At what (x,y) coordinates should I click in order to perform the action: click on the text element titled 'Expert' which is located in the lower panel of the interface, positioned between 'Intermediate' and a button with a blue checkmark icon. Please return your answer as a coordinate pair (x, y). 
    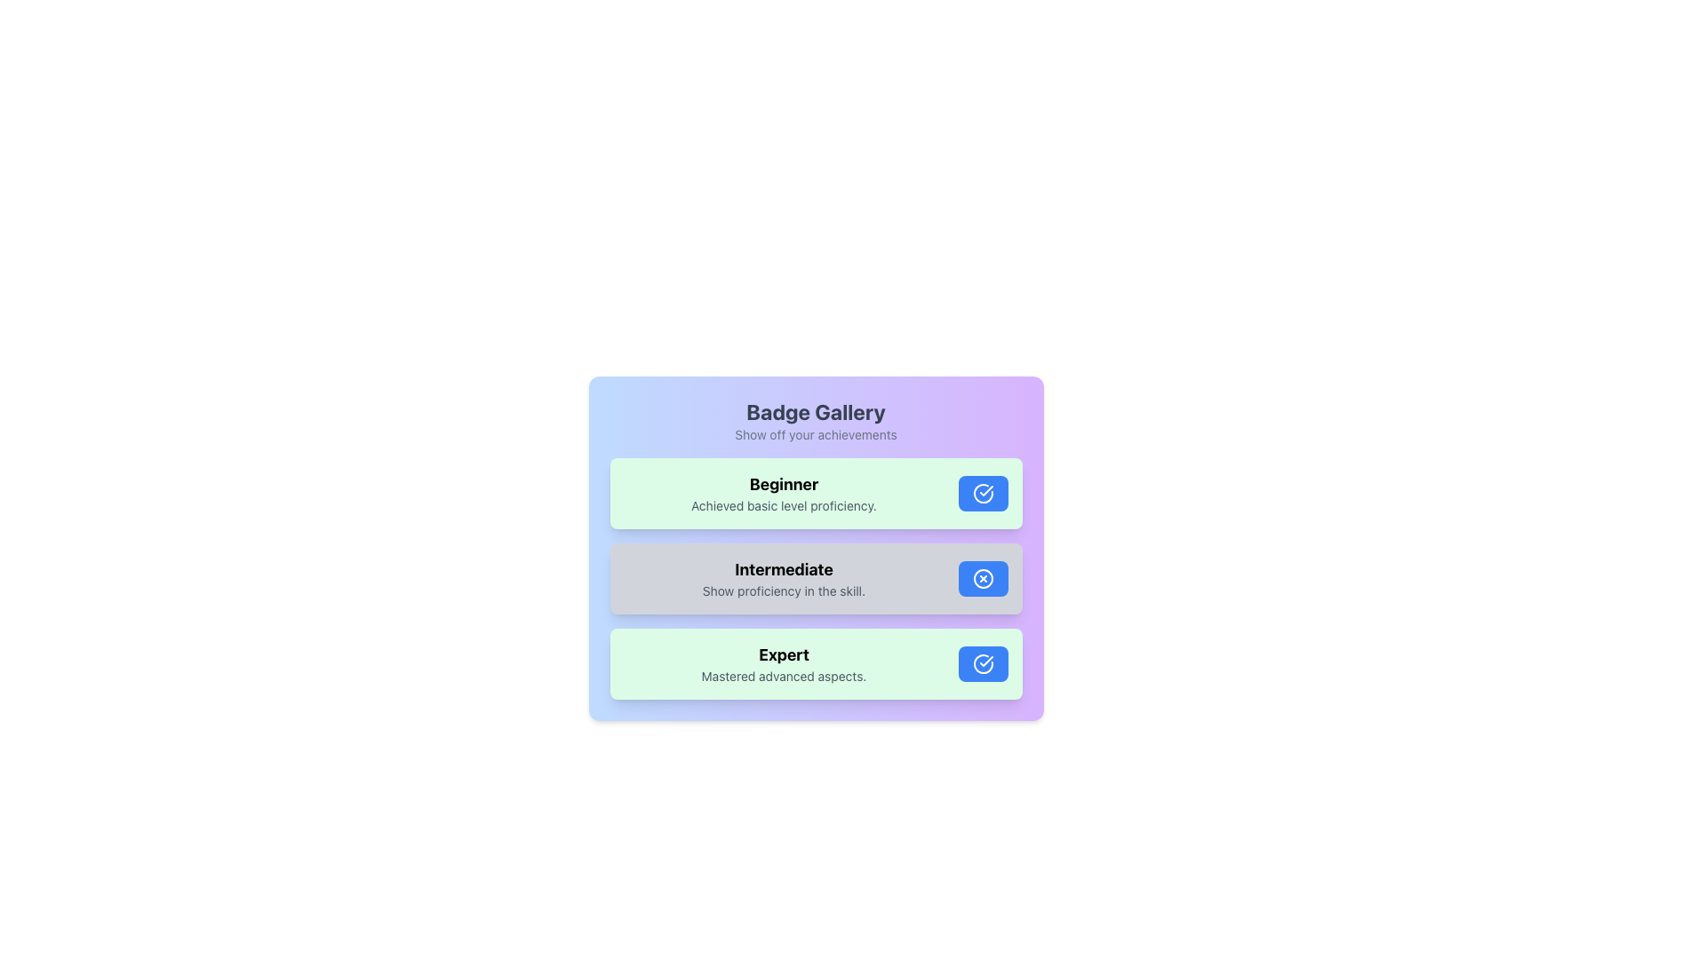
    Looking at the image, I should click on (783, 664).